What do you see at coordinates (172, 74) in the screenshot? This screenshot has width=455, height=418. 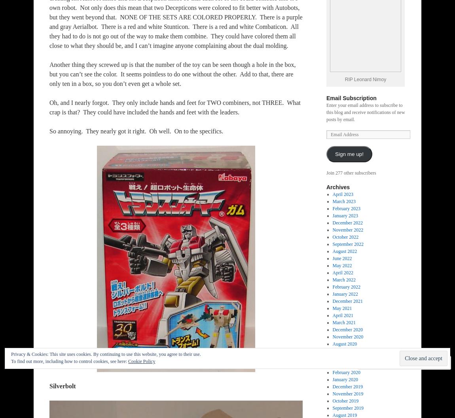 I see `'Another thing they screwed up is that the number of the toy can be seen though a hole in the box, but you can’t see the color.  It seems pointless to do one without the other.  Add to that, there are only ten in a box, so you don’t even get a whole set.'` at bounding box center [172, 74].